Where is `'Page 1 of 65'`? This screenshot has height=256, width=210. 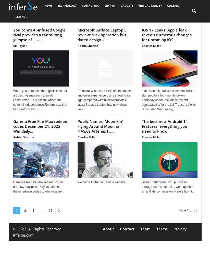
'Page 1 of 65' is located at coordinates (188, 210).